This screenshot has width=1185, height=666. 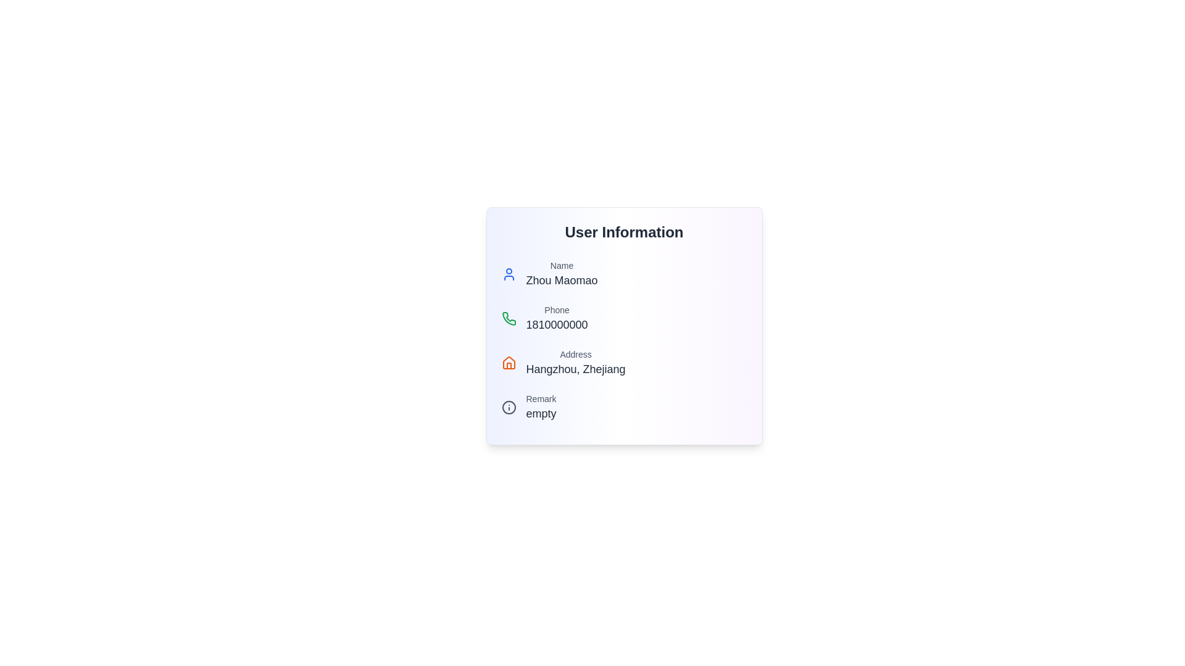 What do you see at coordinates (556, 309) in the screenshot?
I see `the static text label displaying the word 'Phone', which is styled in gray and positioned above the phone number '1810000000'` at bounding box center [556, 309].